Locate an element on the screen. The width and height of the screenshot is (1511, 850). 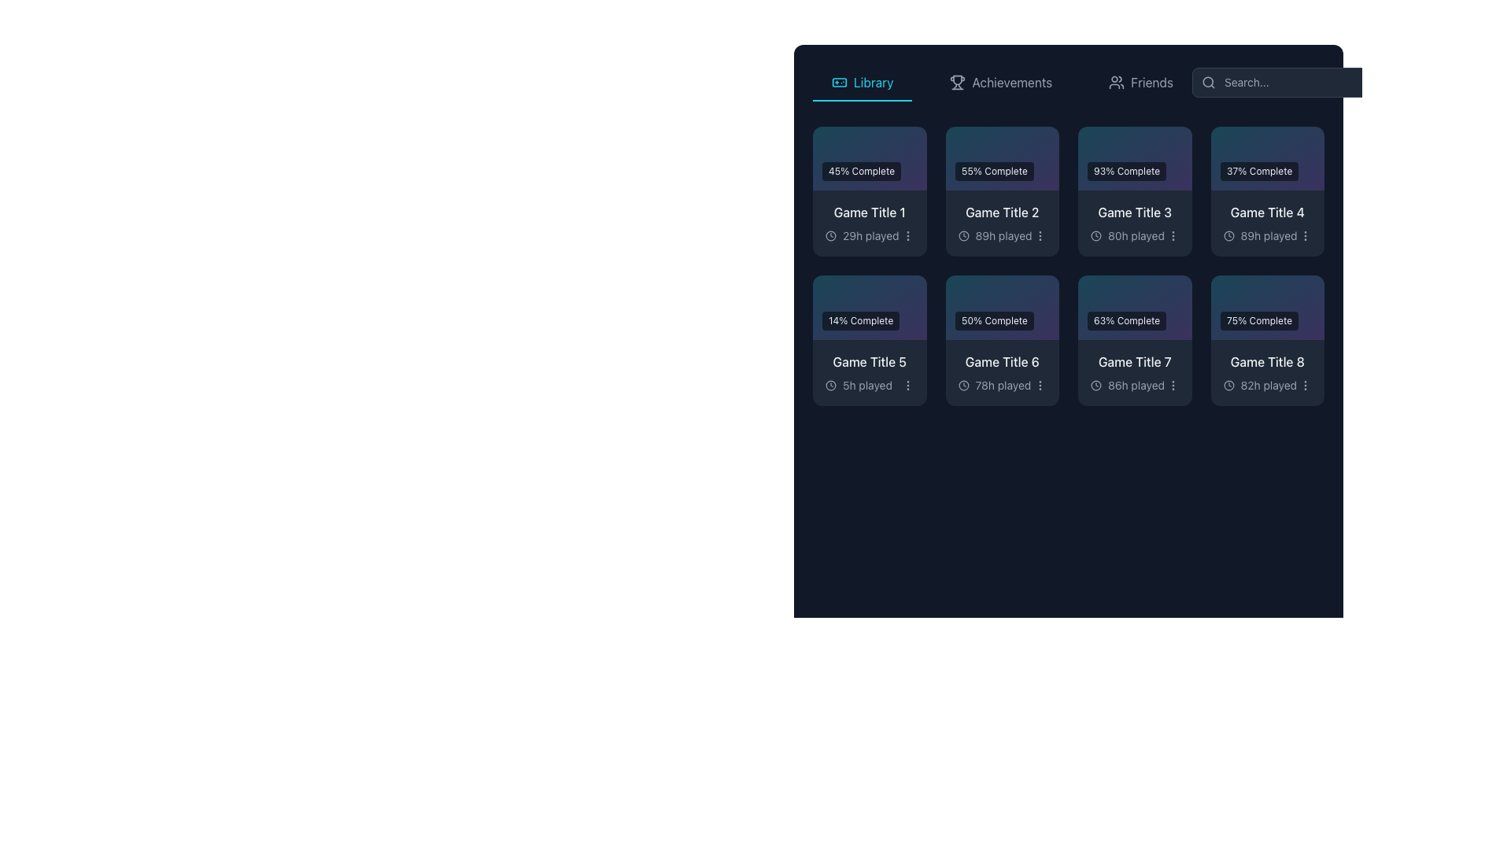
the decorative icon indicating time, which is positioned to the left of the text '89h played' within the card for 'Game Title 4' is located at coordinates (1228, 236).